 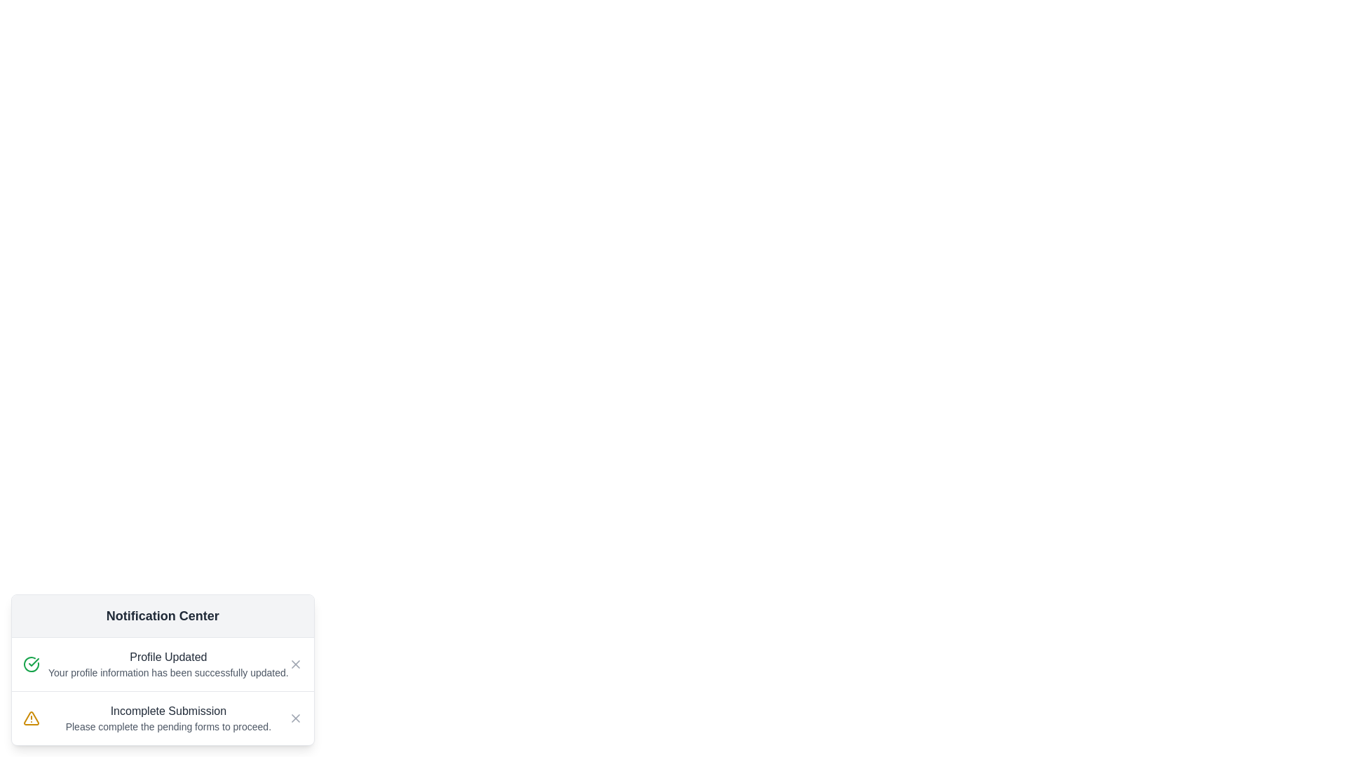 What do you see at coordinates (168, 718) in the screenshot?
I see `the Notification Message titled 'Incomplete Submission' to proceed` at bounding box center [168, 718].